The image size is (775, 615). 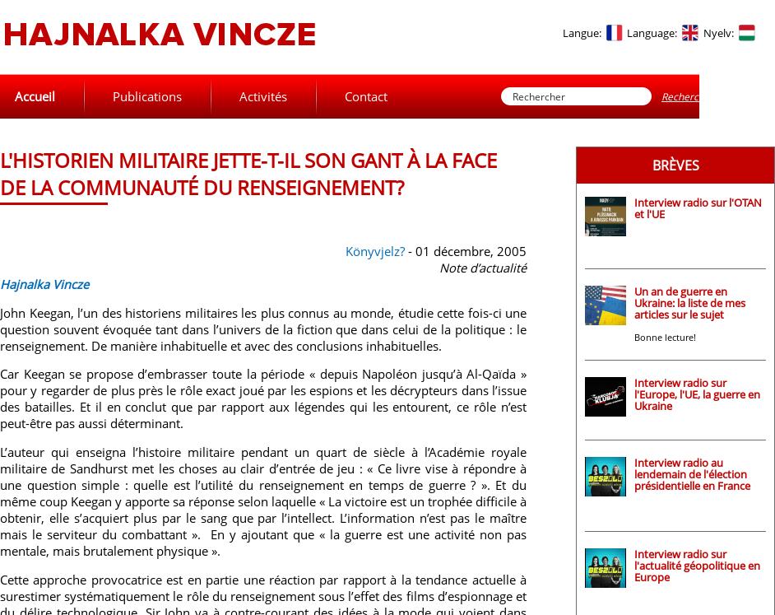 I want to click on 'Nyelv:', so click(x=721, y=32).